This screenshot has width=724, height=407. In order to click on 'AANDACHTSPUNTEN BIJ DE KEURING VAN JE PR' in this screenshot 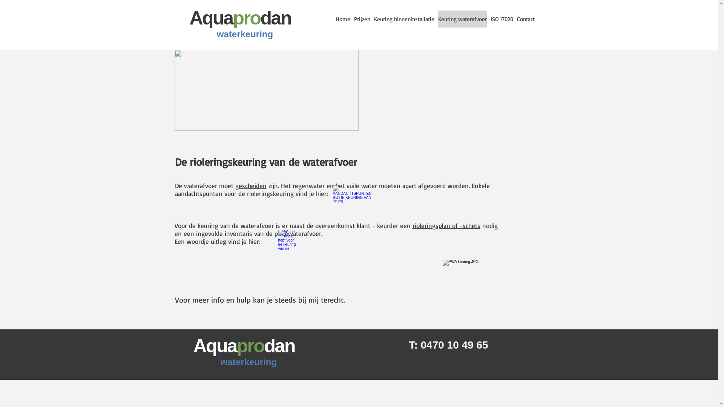, I will do `click(343, 205)`.